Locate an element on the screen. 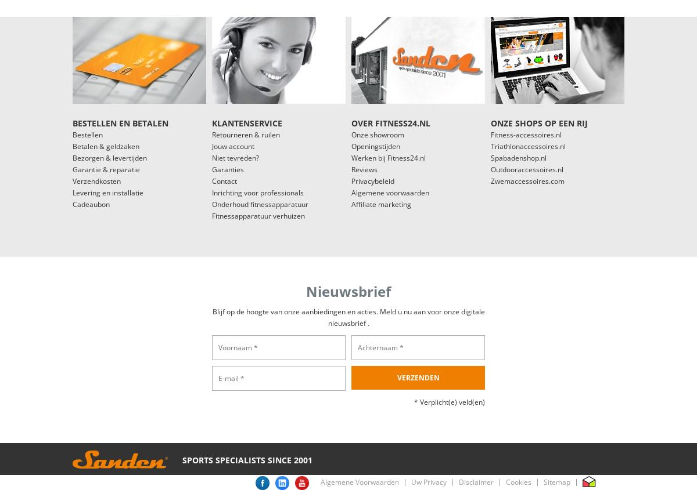 The height and width of the screenshot is (490, 697). '* Verplicht(e) veld(en)' is located at coordinates (449, 401).